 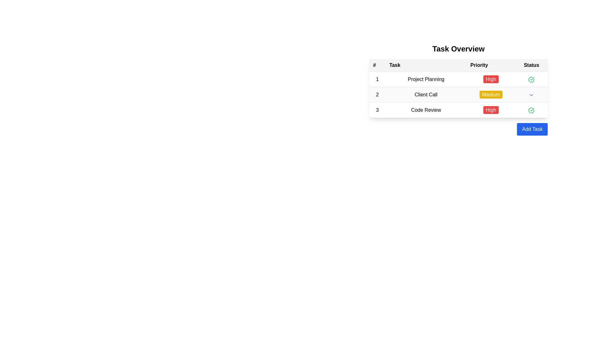 What do you see at coordinates (458, 110) in the screenshot?
I see `the third row of the table under the 'Task Overview' heading, which contains the text '3', 'Code Review', a red badge 'High', and an SVG icon with a green checkmark` at bounding box center [458, 110].